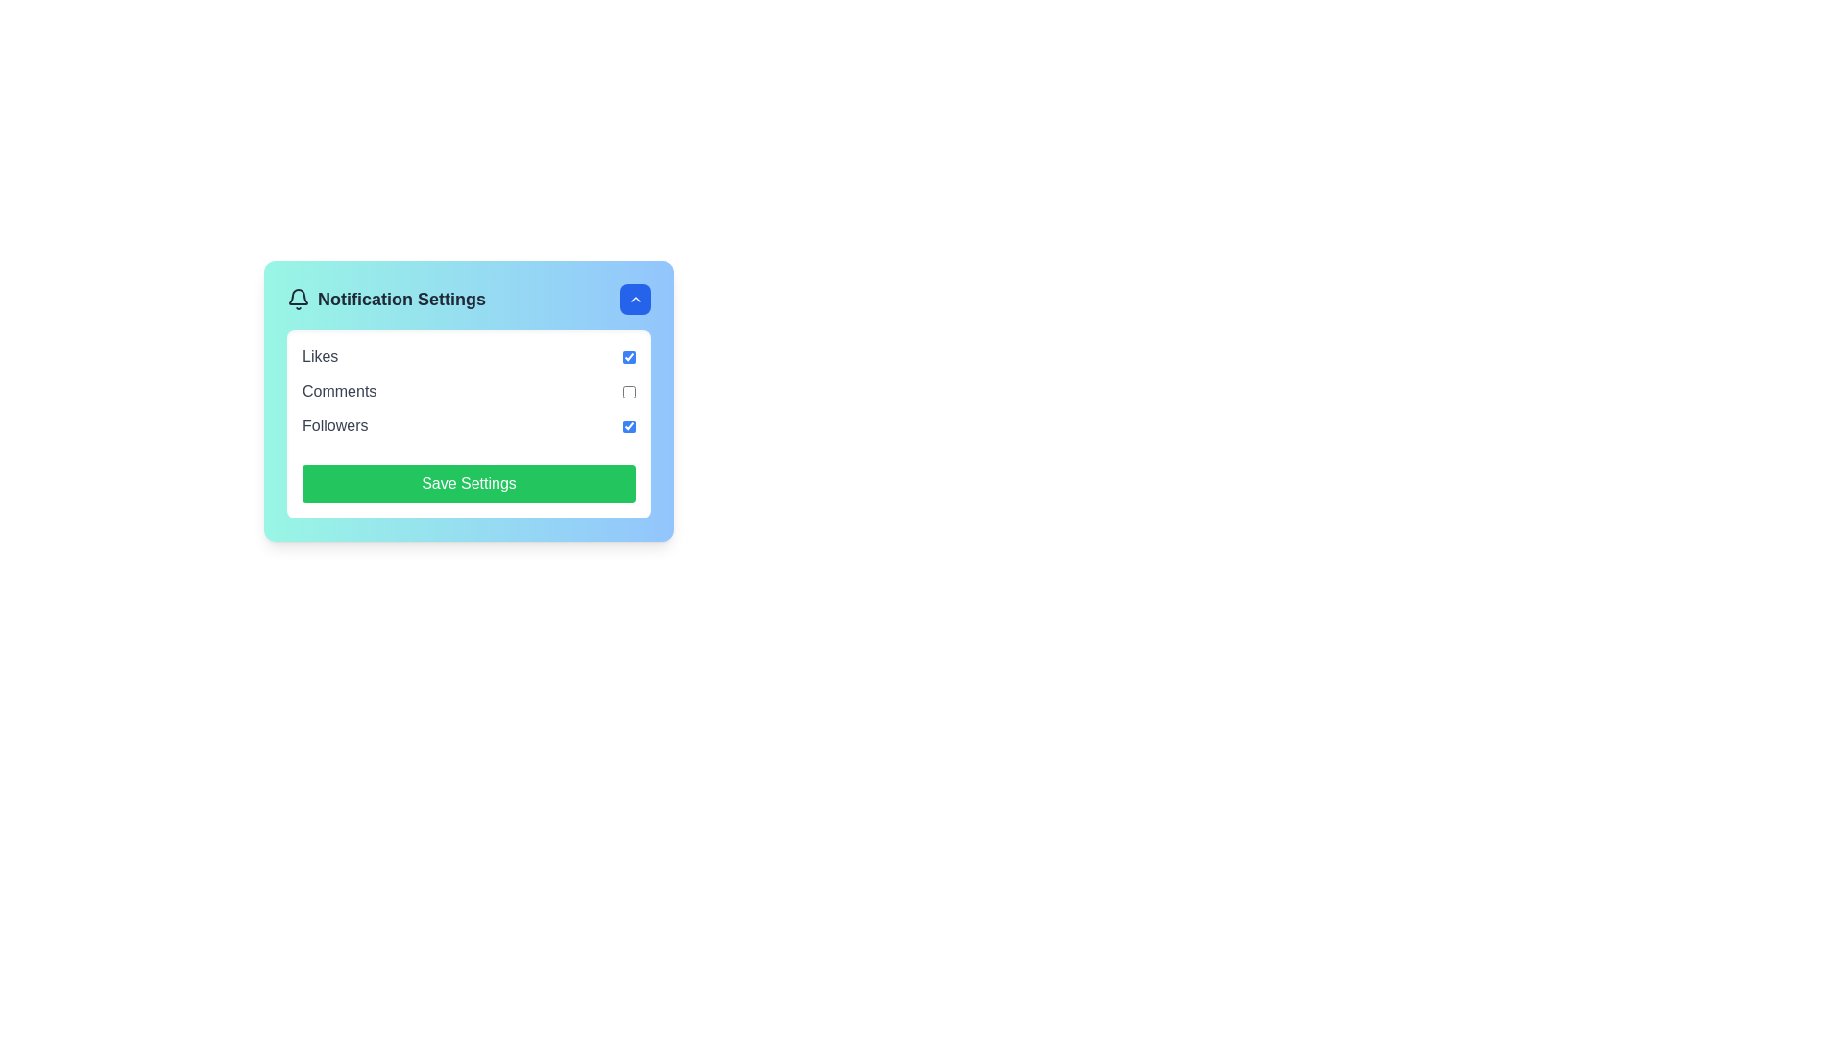 This screenshot has height=1037, width=1844. I want to click on the checkbox that toggles the notification setting for 'Followers' in the notification settings panel, so click(629, 424).